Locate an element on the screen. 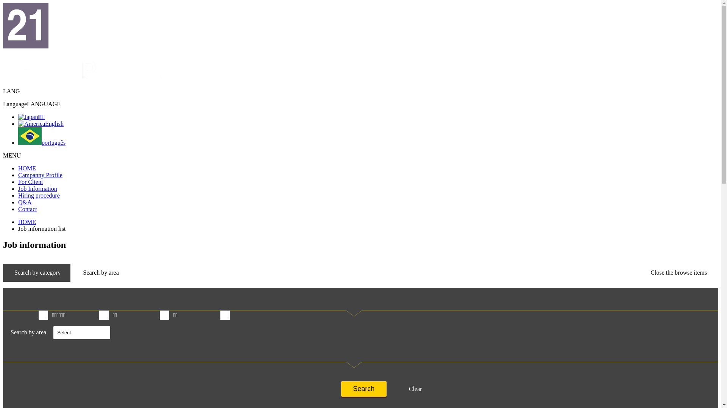  'For Client' is located at coordinates (30, 182).